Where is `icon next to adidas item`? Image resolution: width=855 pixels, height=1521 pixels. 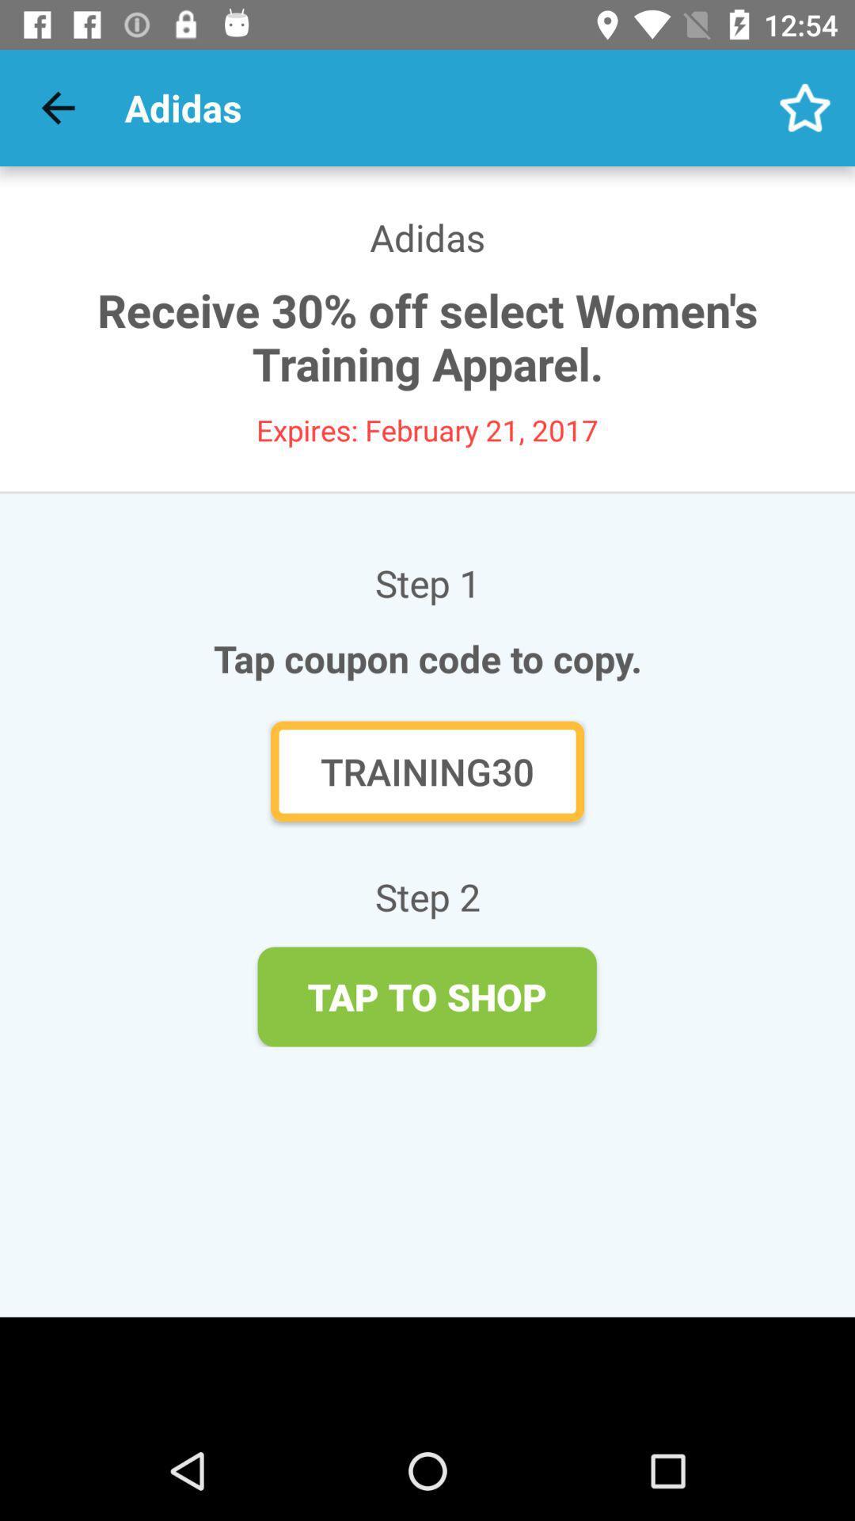 icon next to adidas item is located at coordinates (57, 107).